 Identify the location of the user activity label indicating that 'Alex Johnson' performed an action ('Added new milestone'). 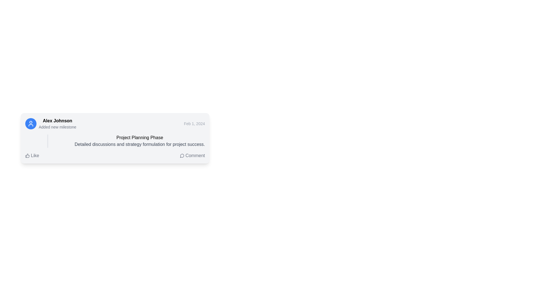
(57, 123).